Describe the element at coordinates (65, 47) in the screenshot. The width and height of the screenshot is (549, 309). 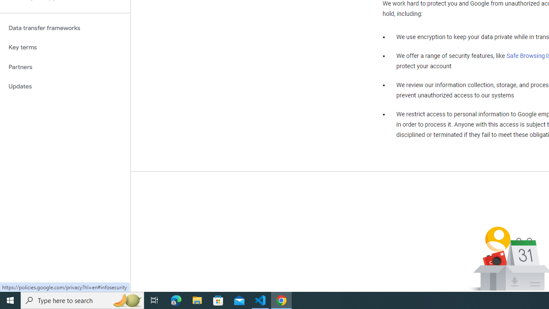
I see `'Key terms'` at that location.